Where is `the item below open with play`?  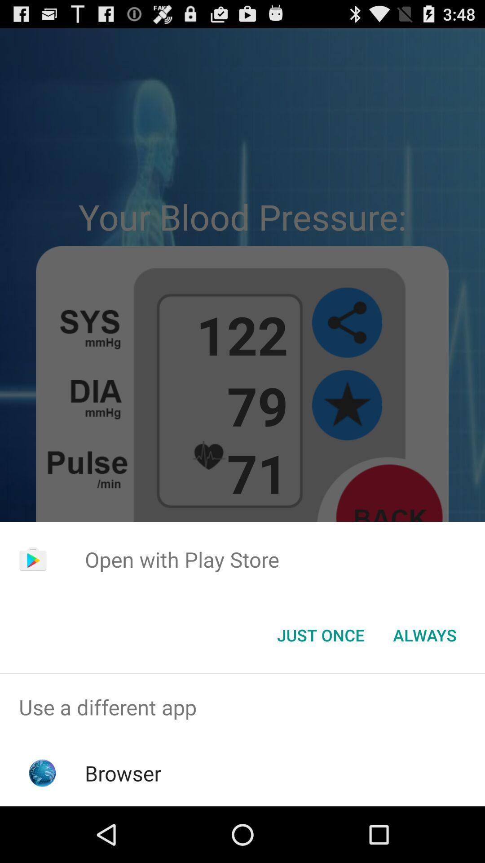 the item below open with play is located at coordinates (424, 634).